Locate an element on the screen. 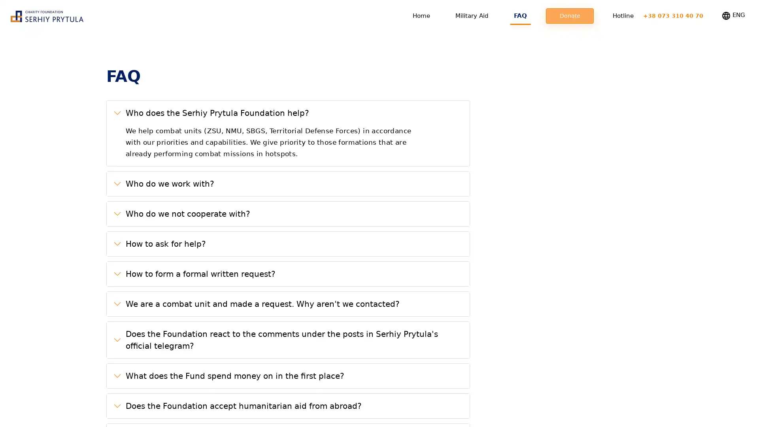 The height and width of the screenshot is (427, 759). Who do we work with? is located at coordinates (287, 184).